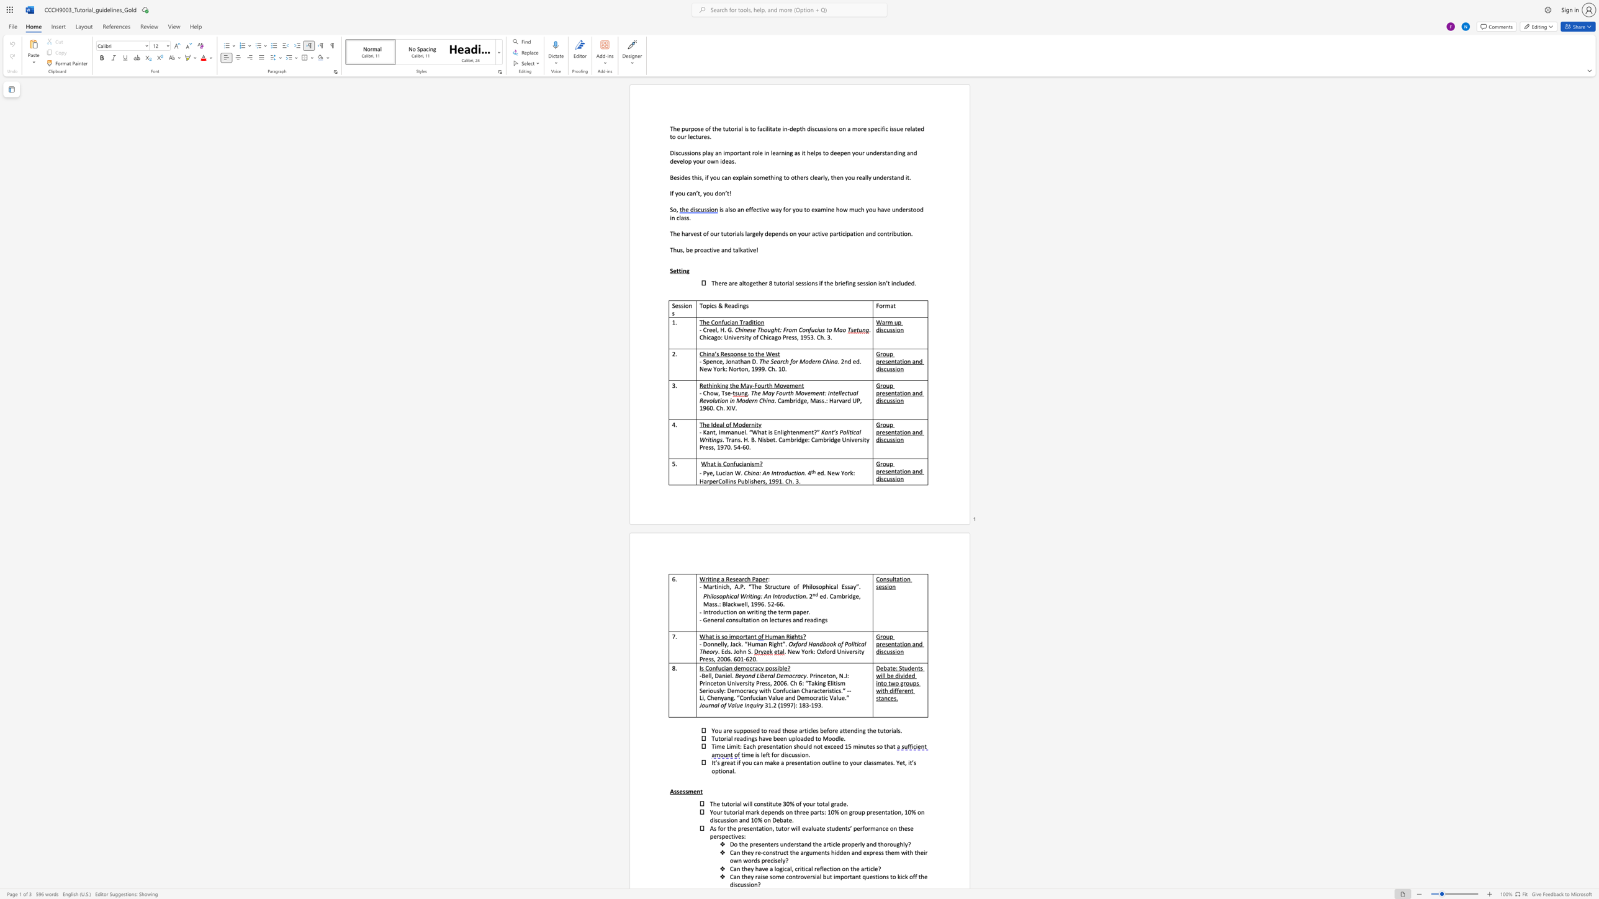 Image resolution: width=1599 pixels, height=899 pixels. What do you see at coordinates (708, 668) in the screenshot?
I see `the subset text "onfucian democracy poss" within the text "Is Confucian democracy possible?"` at bounding box center [708, 668].